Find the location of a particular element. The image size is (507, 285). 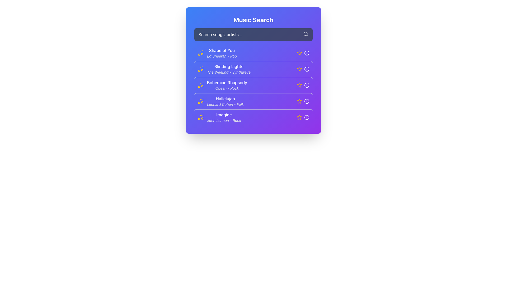

the circular SVG graphic icon that represents an information symbol next to the 'Bohemian Rhapsody' list item is located at coordinates (307, 85).